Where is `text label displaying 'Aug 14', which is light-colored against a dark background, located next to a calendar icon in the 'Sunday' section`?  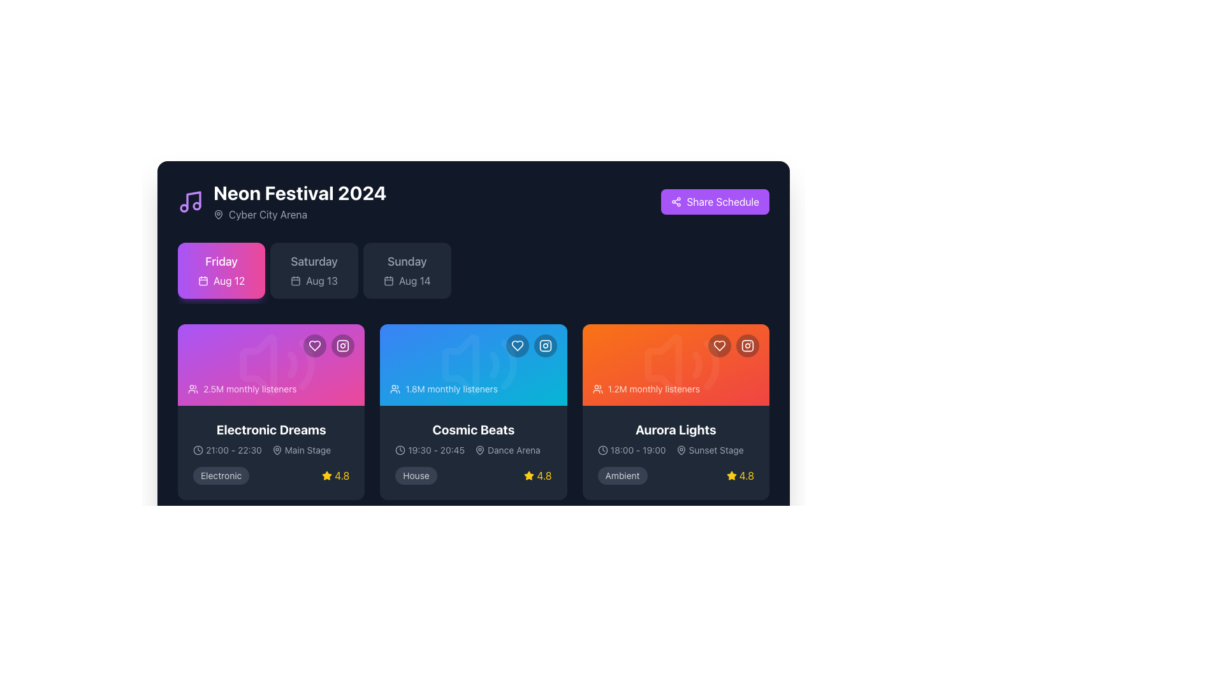 text label displaying 'Aug 14', which is light-colored against a dark background, located next to a calendar icon in the 'Sunday' section is located at coordinates (414, 280).